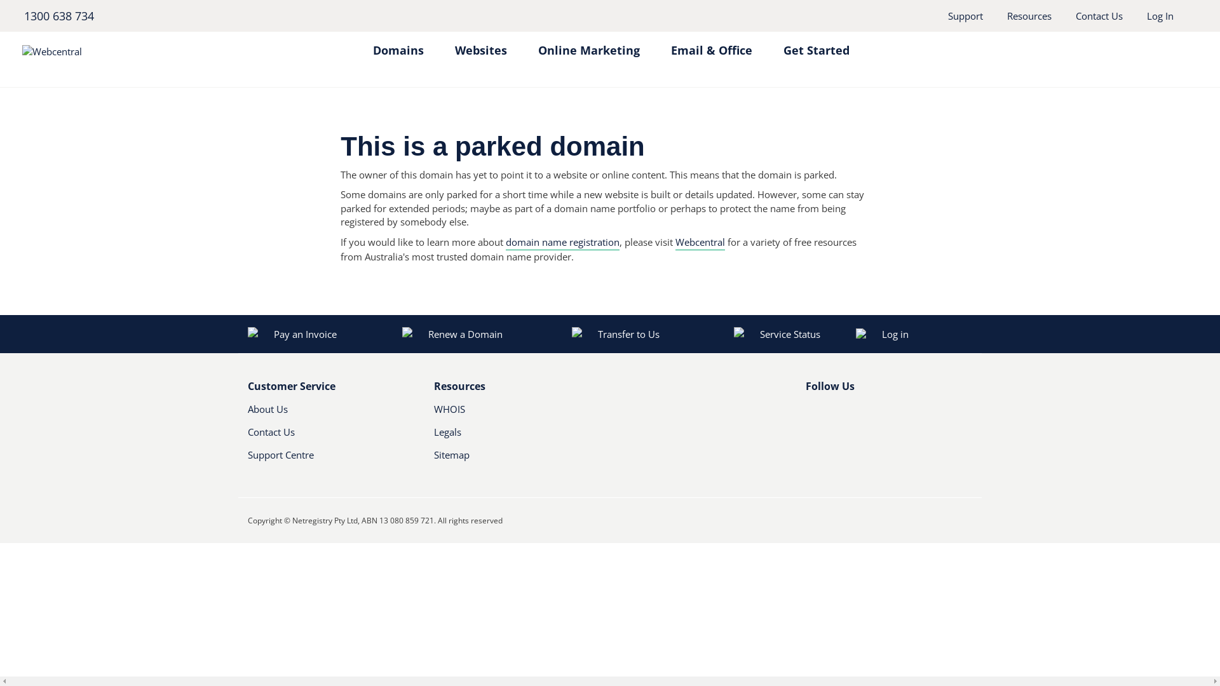  Describe the element at coordinates (247, 460) in the screenshot. I see `'Support Centre'` at that location.